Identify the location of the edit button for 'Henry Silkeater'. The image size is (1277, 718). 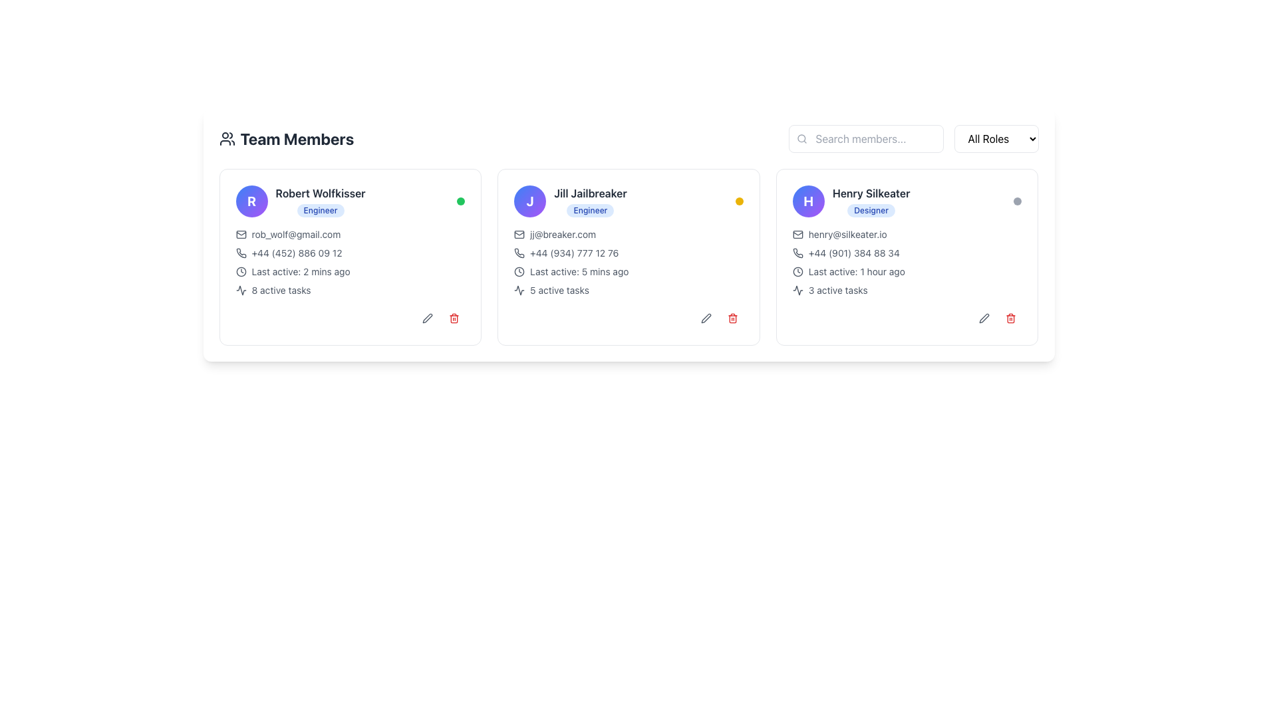
(984, 318).